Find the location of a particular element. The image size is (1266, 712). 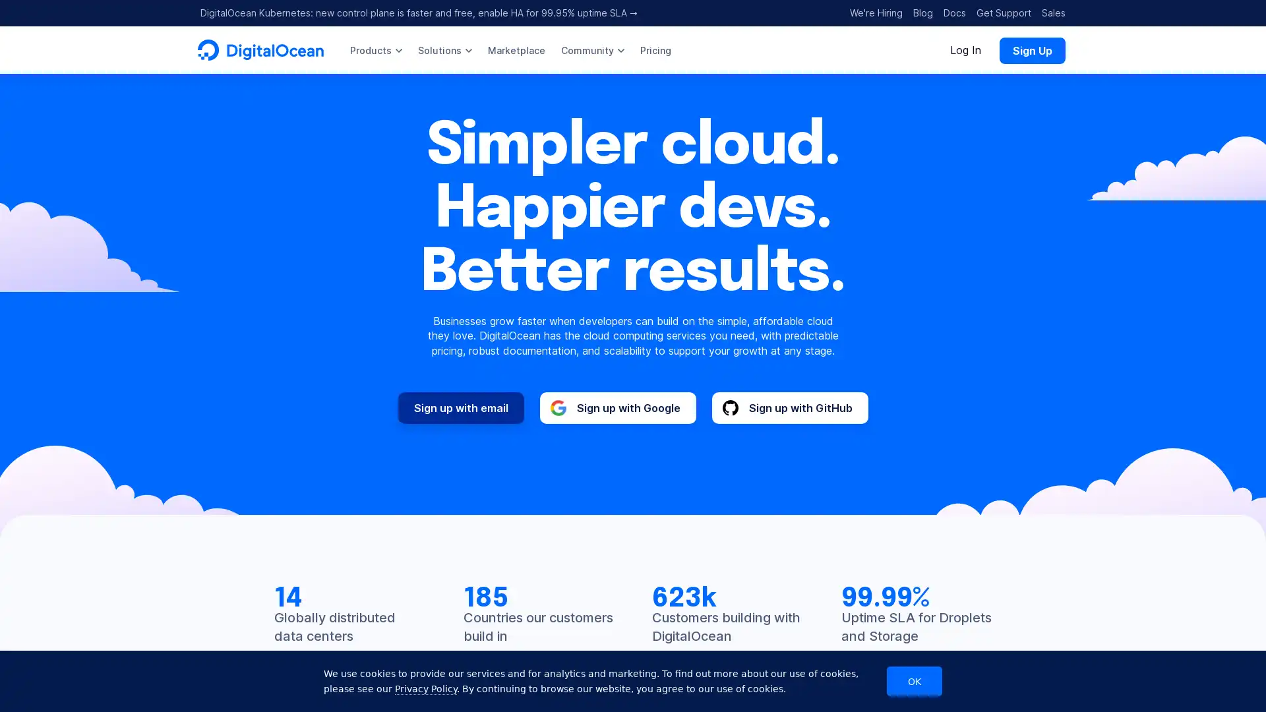

OK is located at coordinates (914, 681).